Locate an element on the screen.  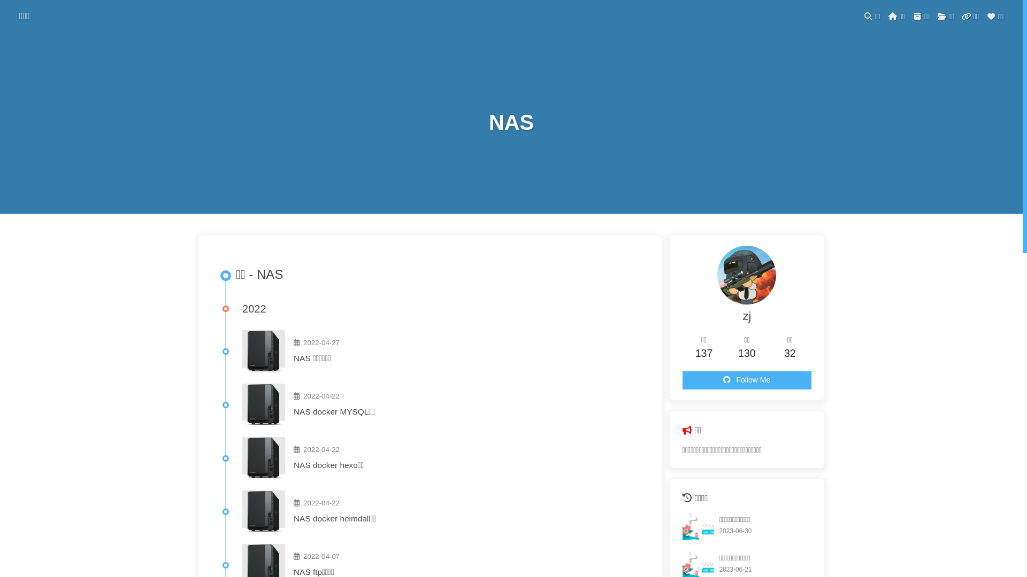
'Follow Me' is located at coordinates (746, 380).